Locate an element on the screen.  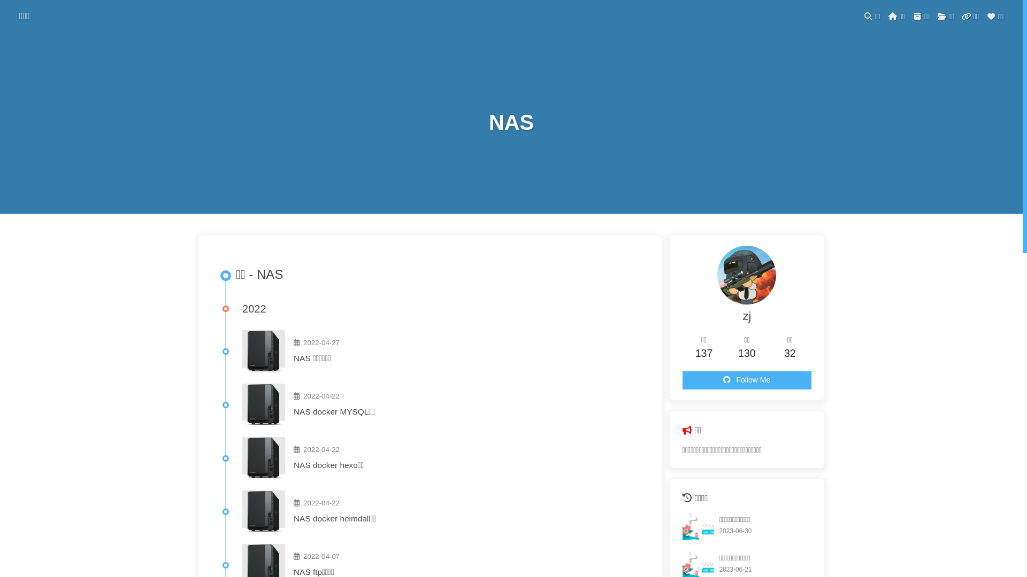
'Follow Me' is located at coordinates (746, 380).